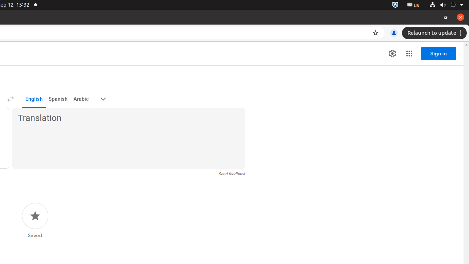 This screenshot has height=264, width=469. What do you see at coordinates (439, 53) in the screenshot?
I see `'Sign in'` at bounding box center [439, 53].